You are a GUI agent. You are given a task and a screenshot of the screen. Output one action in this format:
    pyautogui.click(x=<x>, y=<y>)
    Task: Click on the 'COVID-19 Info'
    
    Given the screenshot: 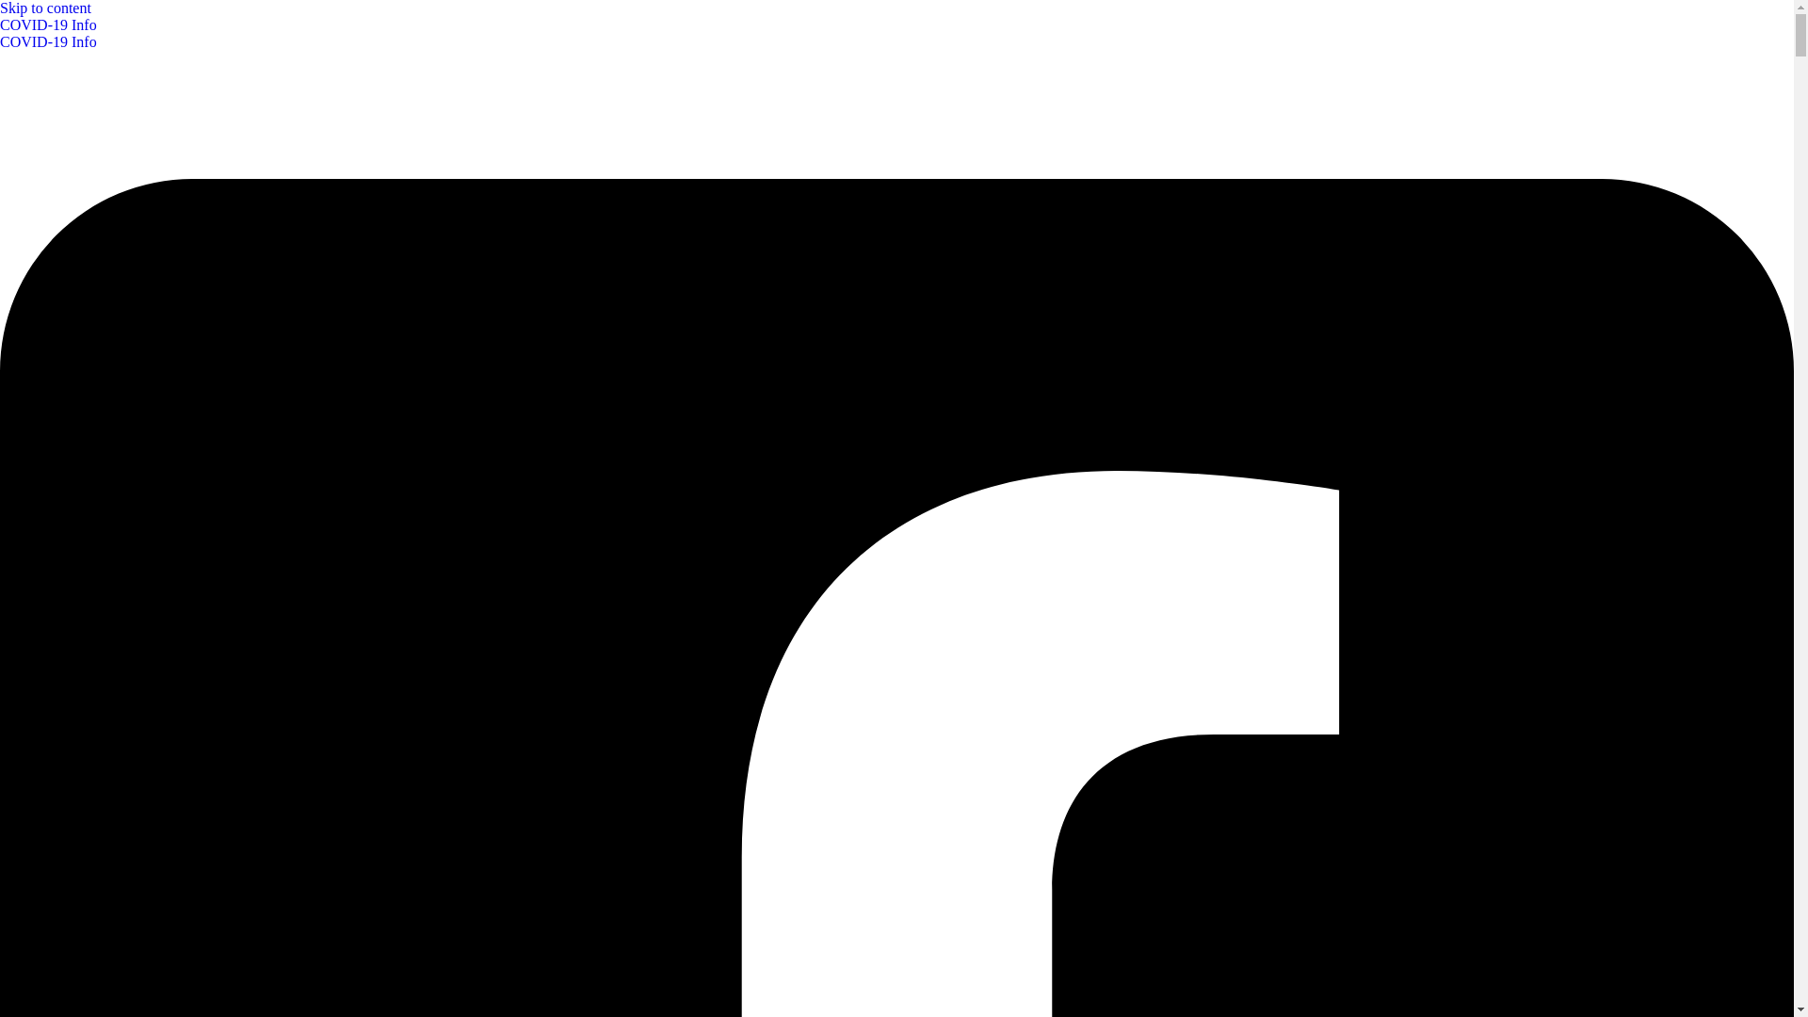 What is the action you would take?
    pyautogui.click(x=896, y=33)
    